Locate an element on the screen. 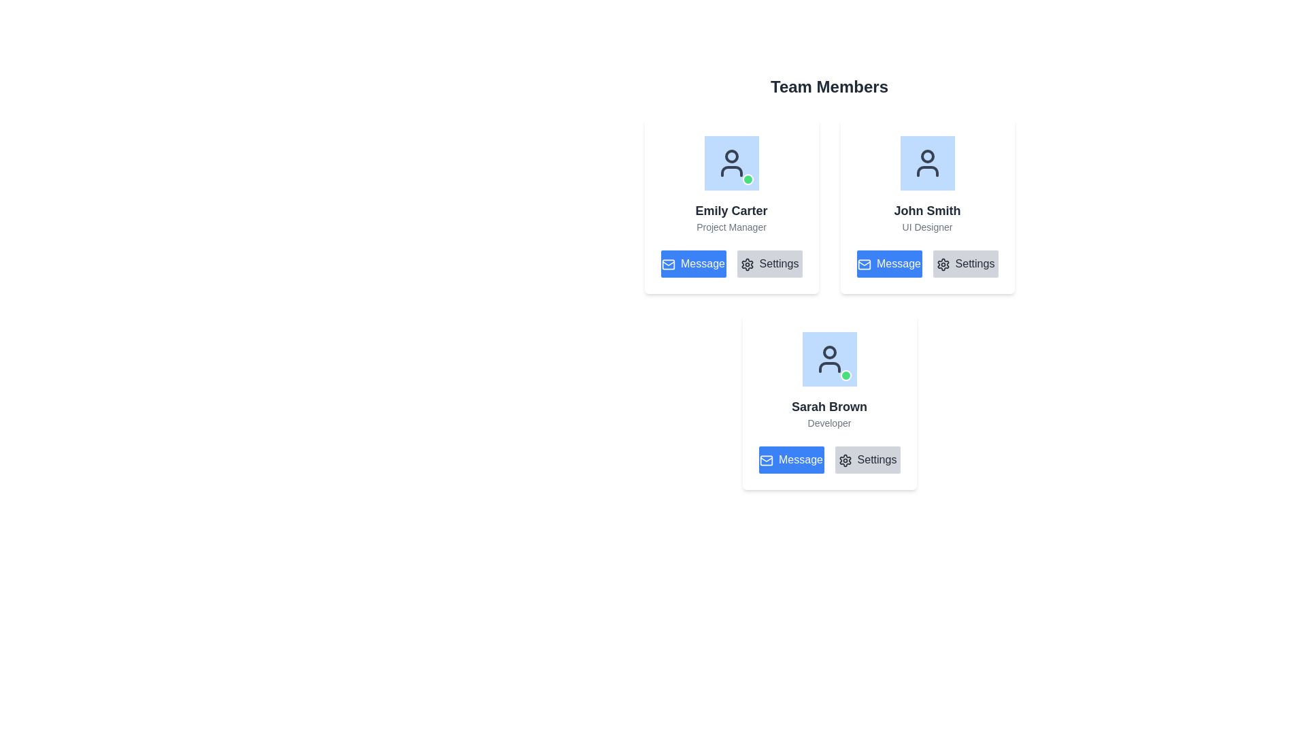 This screenshot has height=735, width=1306. the 'Emily Carter' text label, which is displayed in a bold, dark gray font as the header text in the top-left card of a grid layout is located at coordinates (731, 210).